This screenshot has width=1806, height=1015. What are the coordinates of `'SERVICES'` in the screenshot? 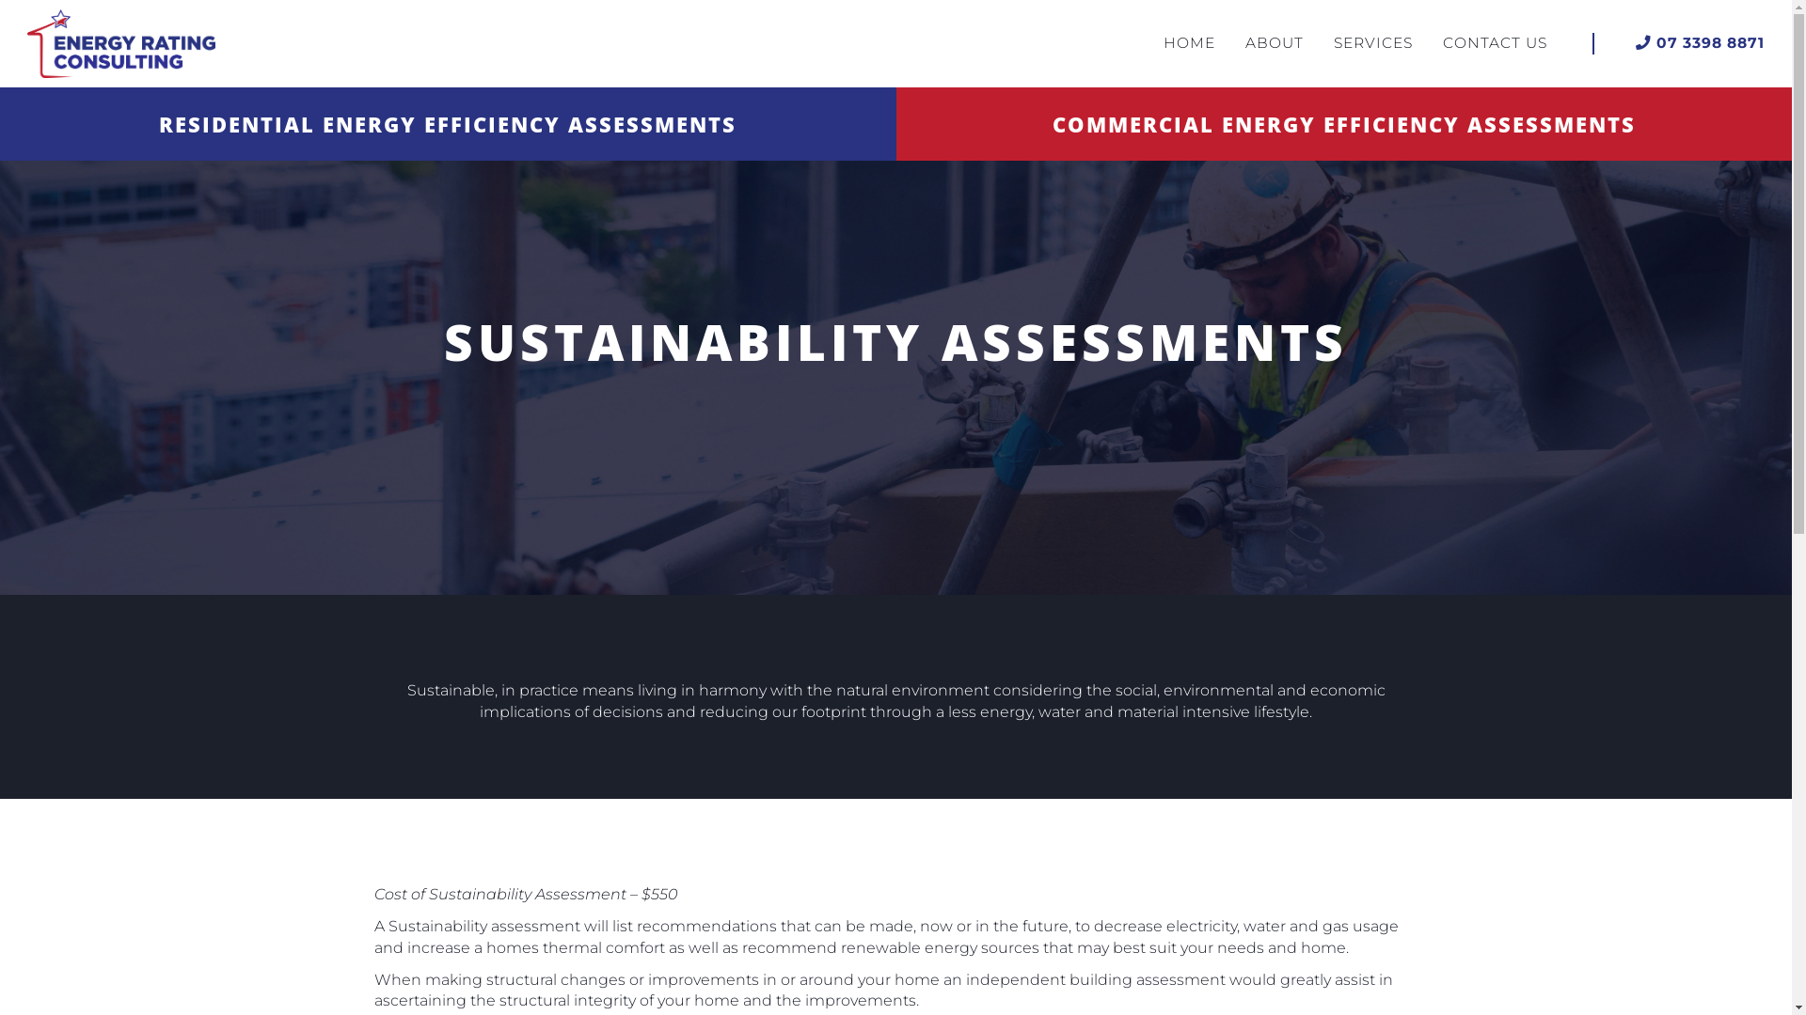 It's located at (1372, 42).